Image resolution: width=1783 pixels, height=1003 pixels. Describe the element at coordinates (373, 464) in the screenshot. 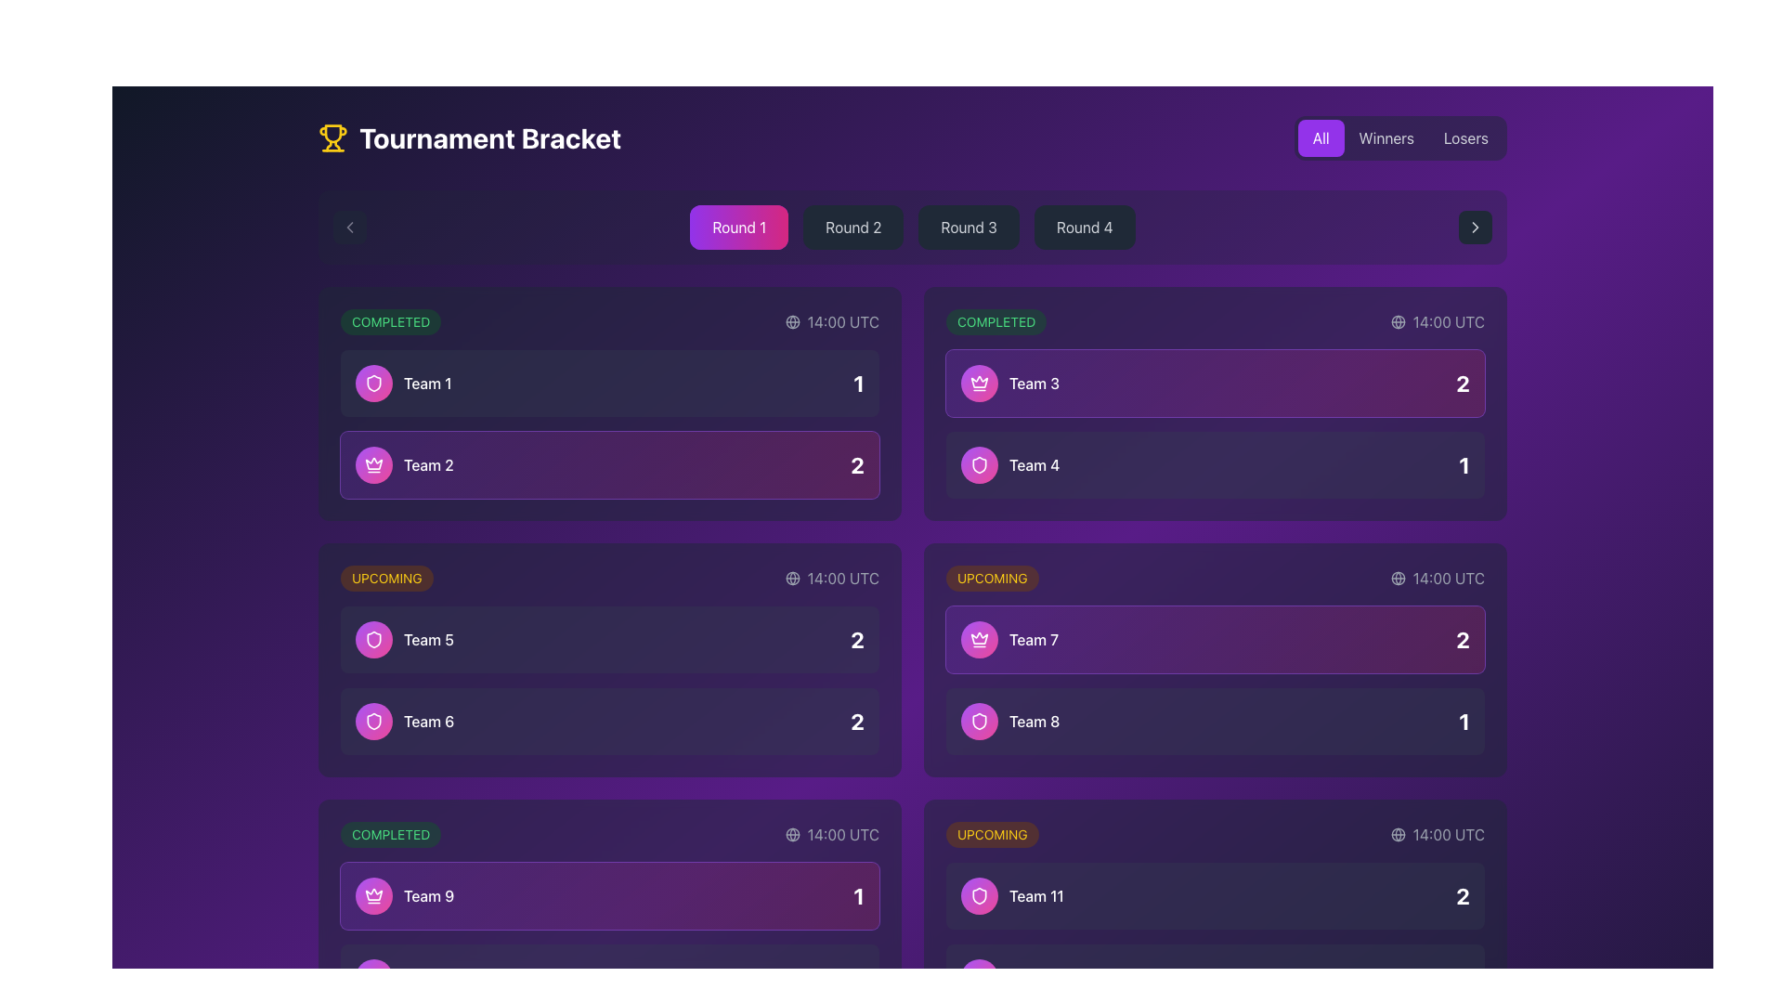

I see `the circular badge icon with a crown inside it, located to the left of the text 'Team 2' in the 'Completed' section of the tournament bracket interface` at that location.